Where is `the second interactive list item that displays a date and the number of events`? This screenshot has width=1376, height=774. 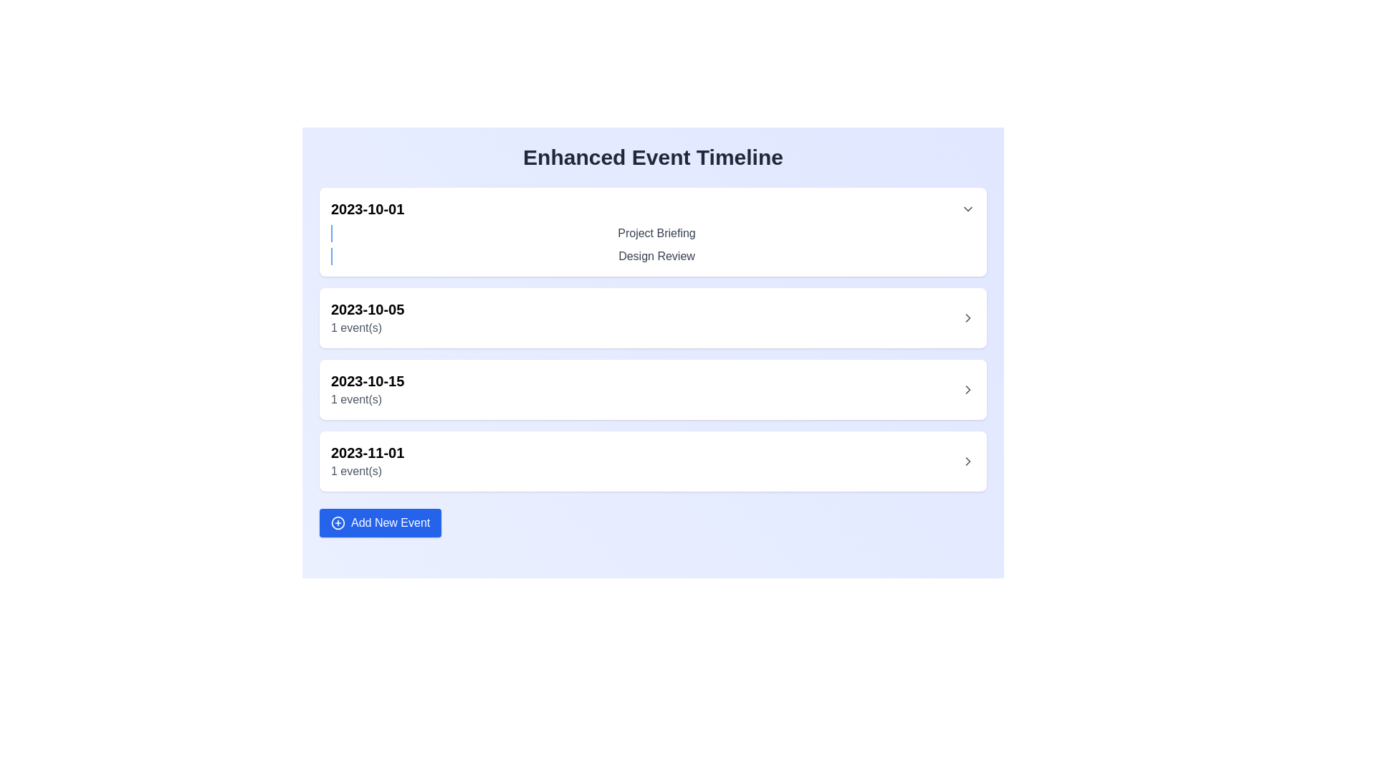 the second interactive list item that displays a date and the number of events is located at coordinates (652, 317).